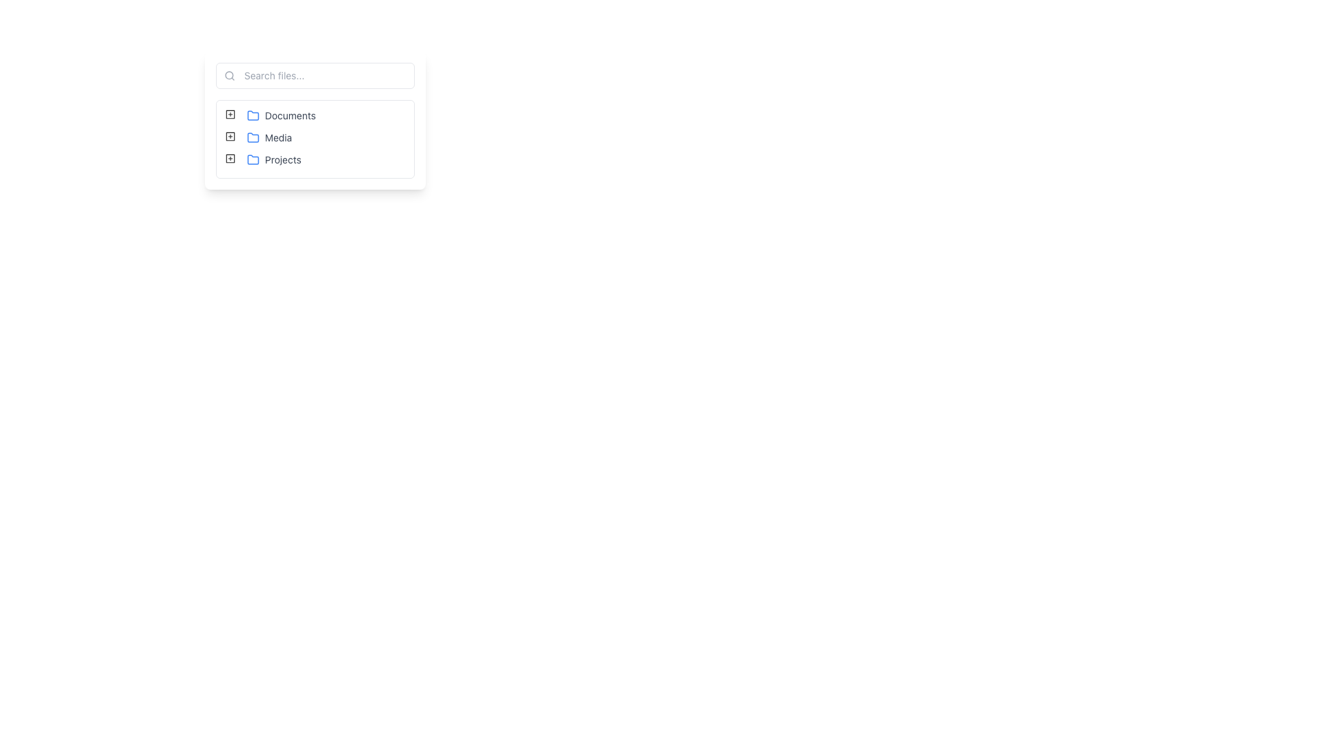  Describe the element at coordinates (264, 159) in the screenshot. I see `to select the 'Projects' tree item, which is styled as a list item with a blue folder icon and is the third item in the vertical list` at that location.